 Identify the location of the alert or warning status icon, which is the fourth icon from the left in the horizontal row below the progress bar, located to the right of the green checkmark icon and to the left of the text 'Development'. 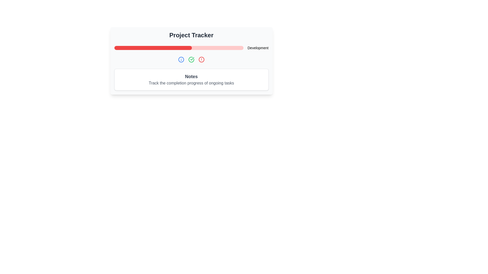
(201, 59).